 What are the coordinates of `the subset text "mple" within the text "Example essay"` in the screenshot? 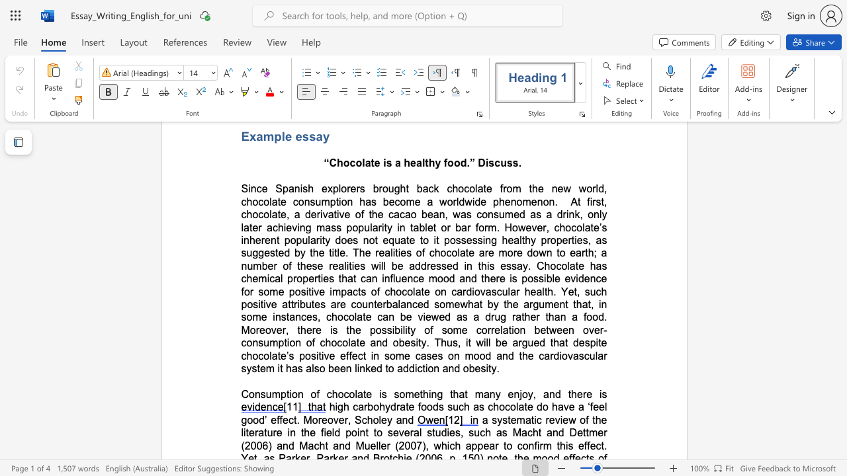 It's located at (263, 136).